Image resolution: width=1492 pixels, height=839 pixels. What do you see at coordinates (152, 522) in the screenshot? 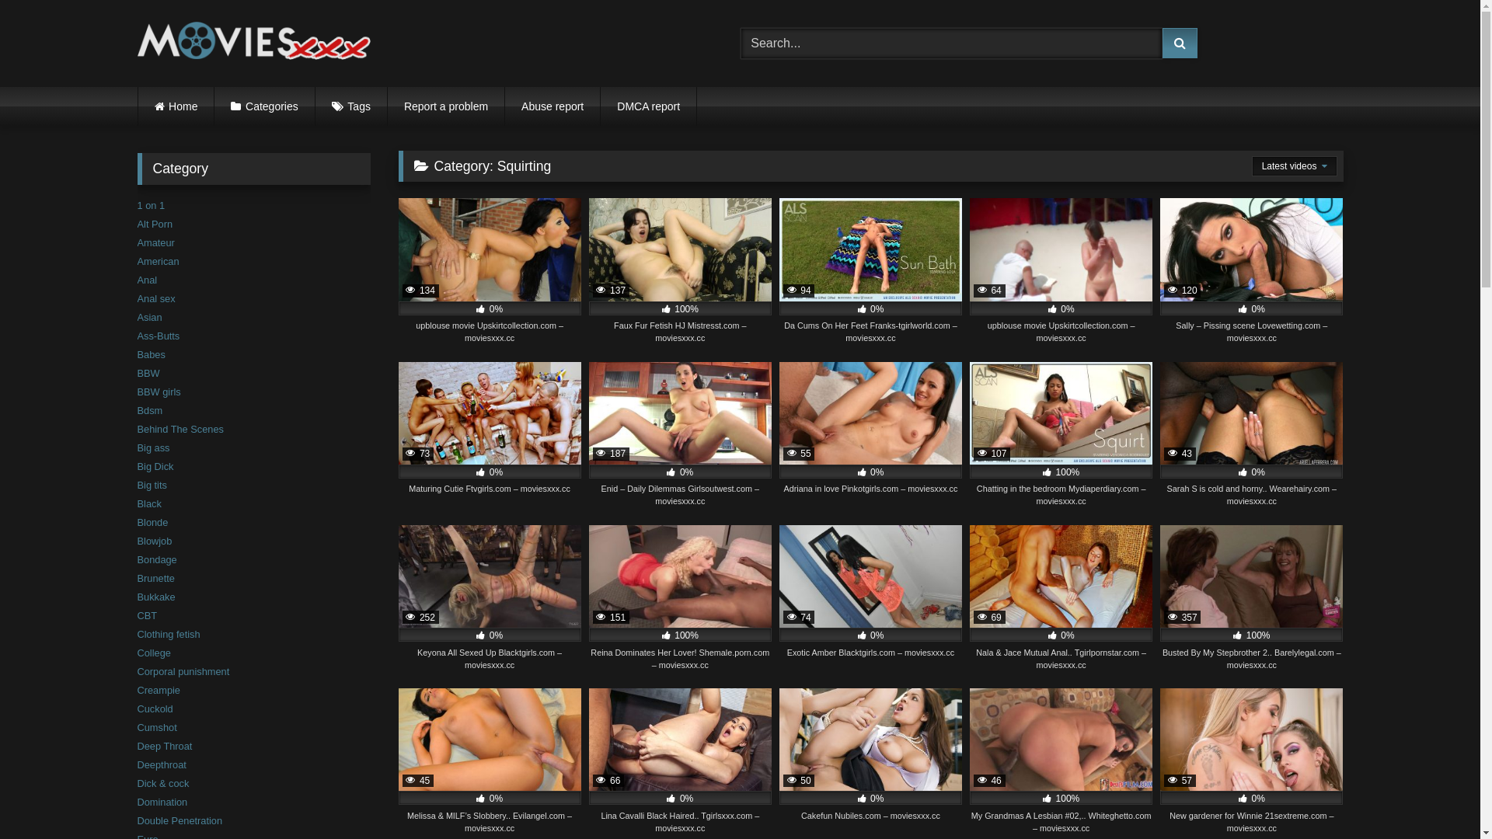
I see `'Blonde'` at bounding box center [152, 522].